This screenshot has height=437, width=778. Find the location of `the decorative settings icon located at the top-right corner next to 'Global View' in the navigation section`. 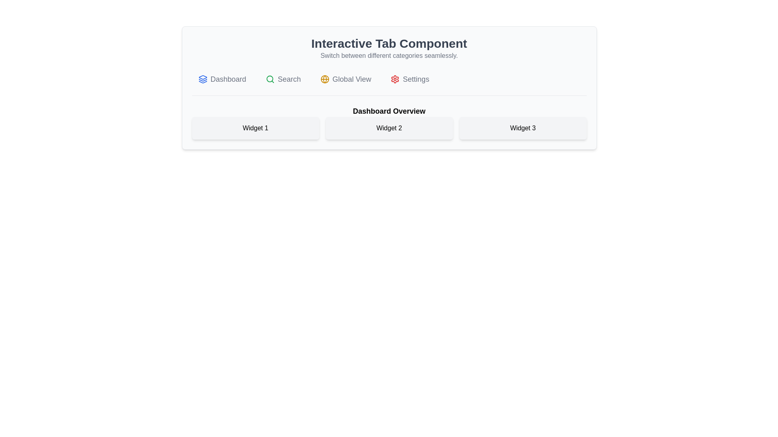

the decorative settings icon located at the top-right corner next to 'Global View' in the navigation section is located at coordinates (395, 79).